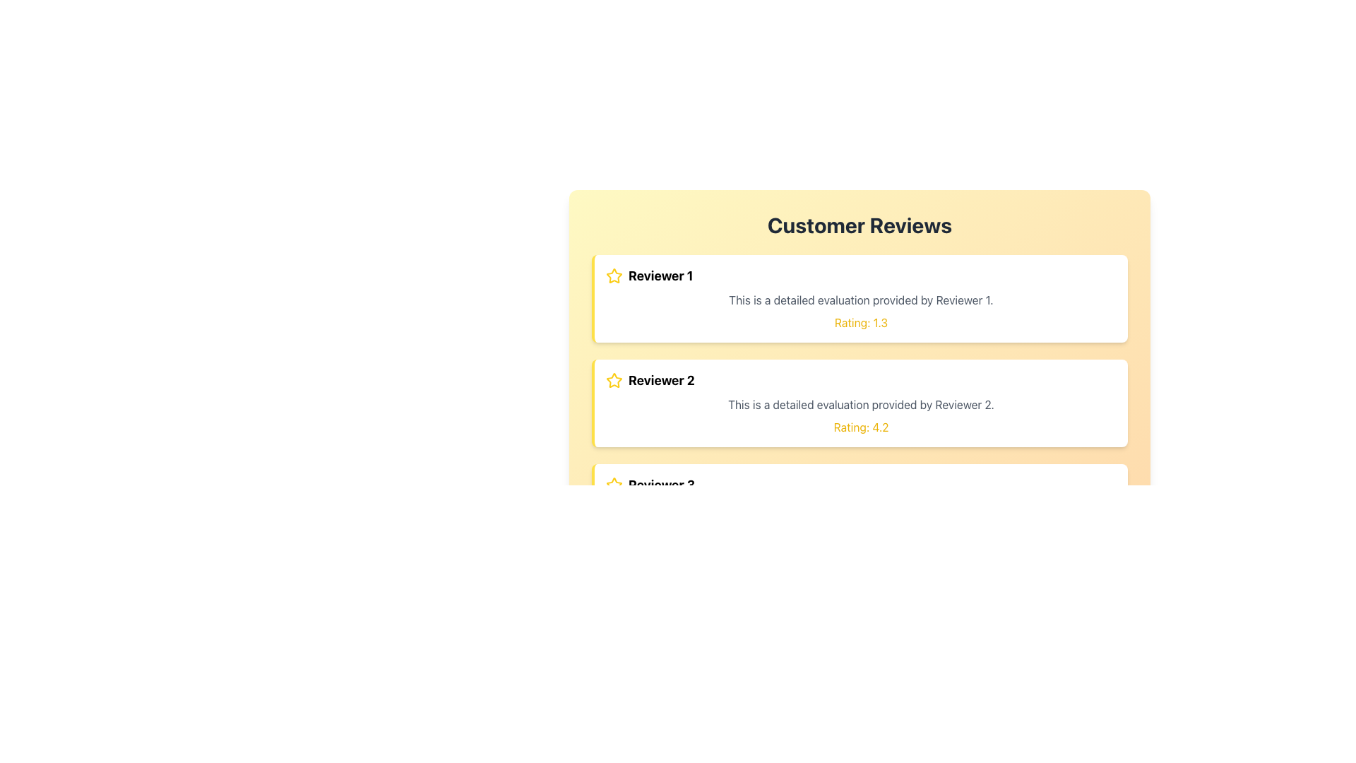 This screenshot has height=763, width=1356. What do you see at coordinates (614, 276) in the screenshot?
I see `the yellow outlined star graphical icon located to the left of the 'Reviewer 2' text in the review interface` at bounding box center [614, 276].